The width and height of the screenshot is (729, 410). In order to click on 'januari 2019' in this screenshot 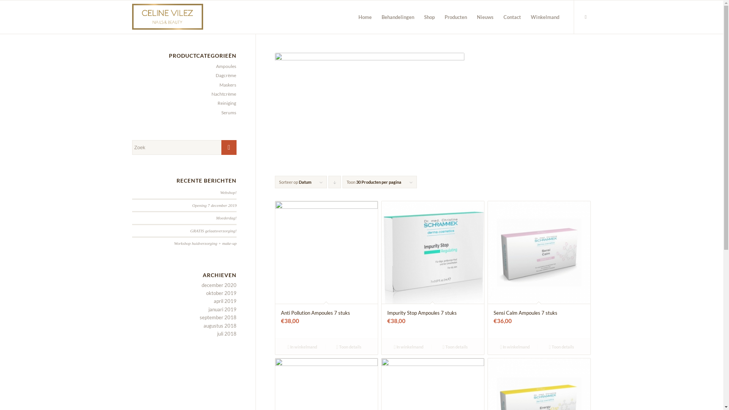, I will do `click(222, 309)`.